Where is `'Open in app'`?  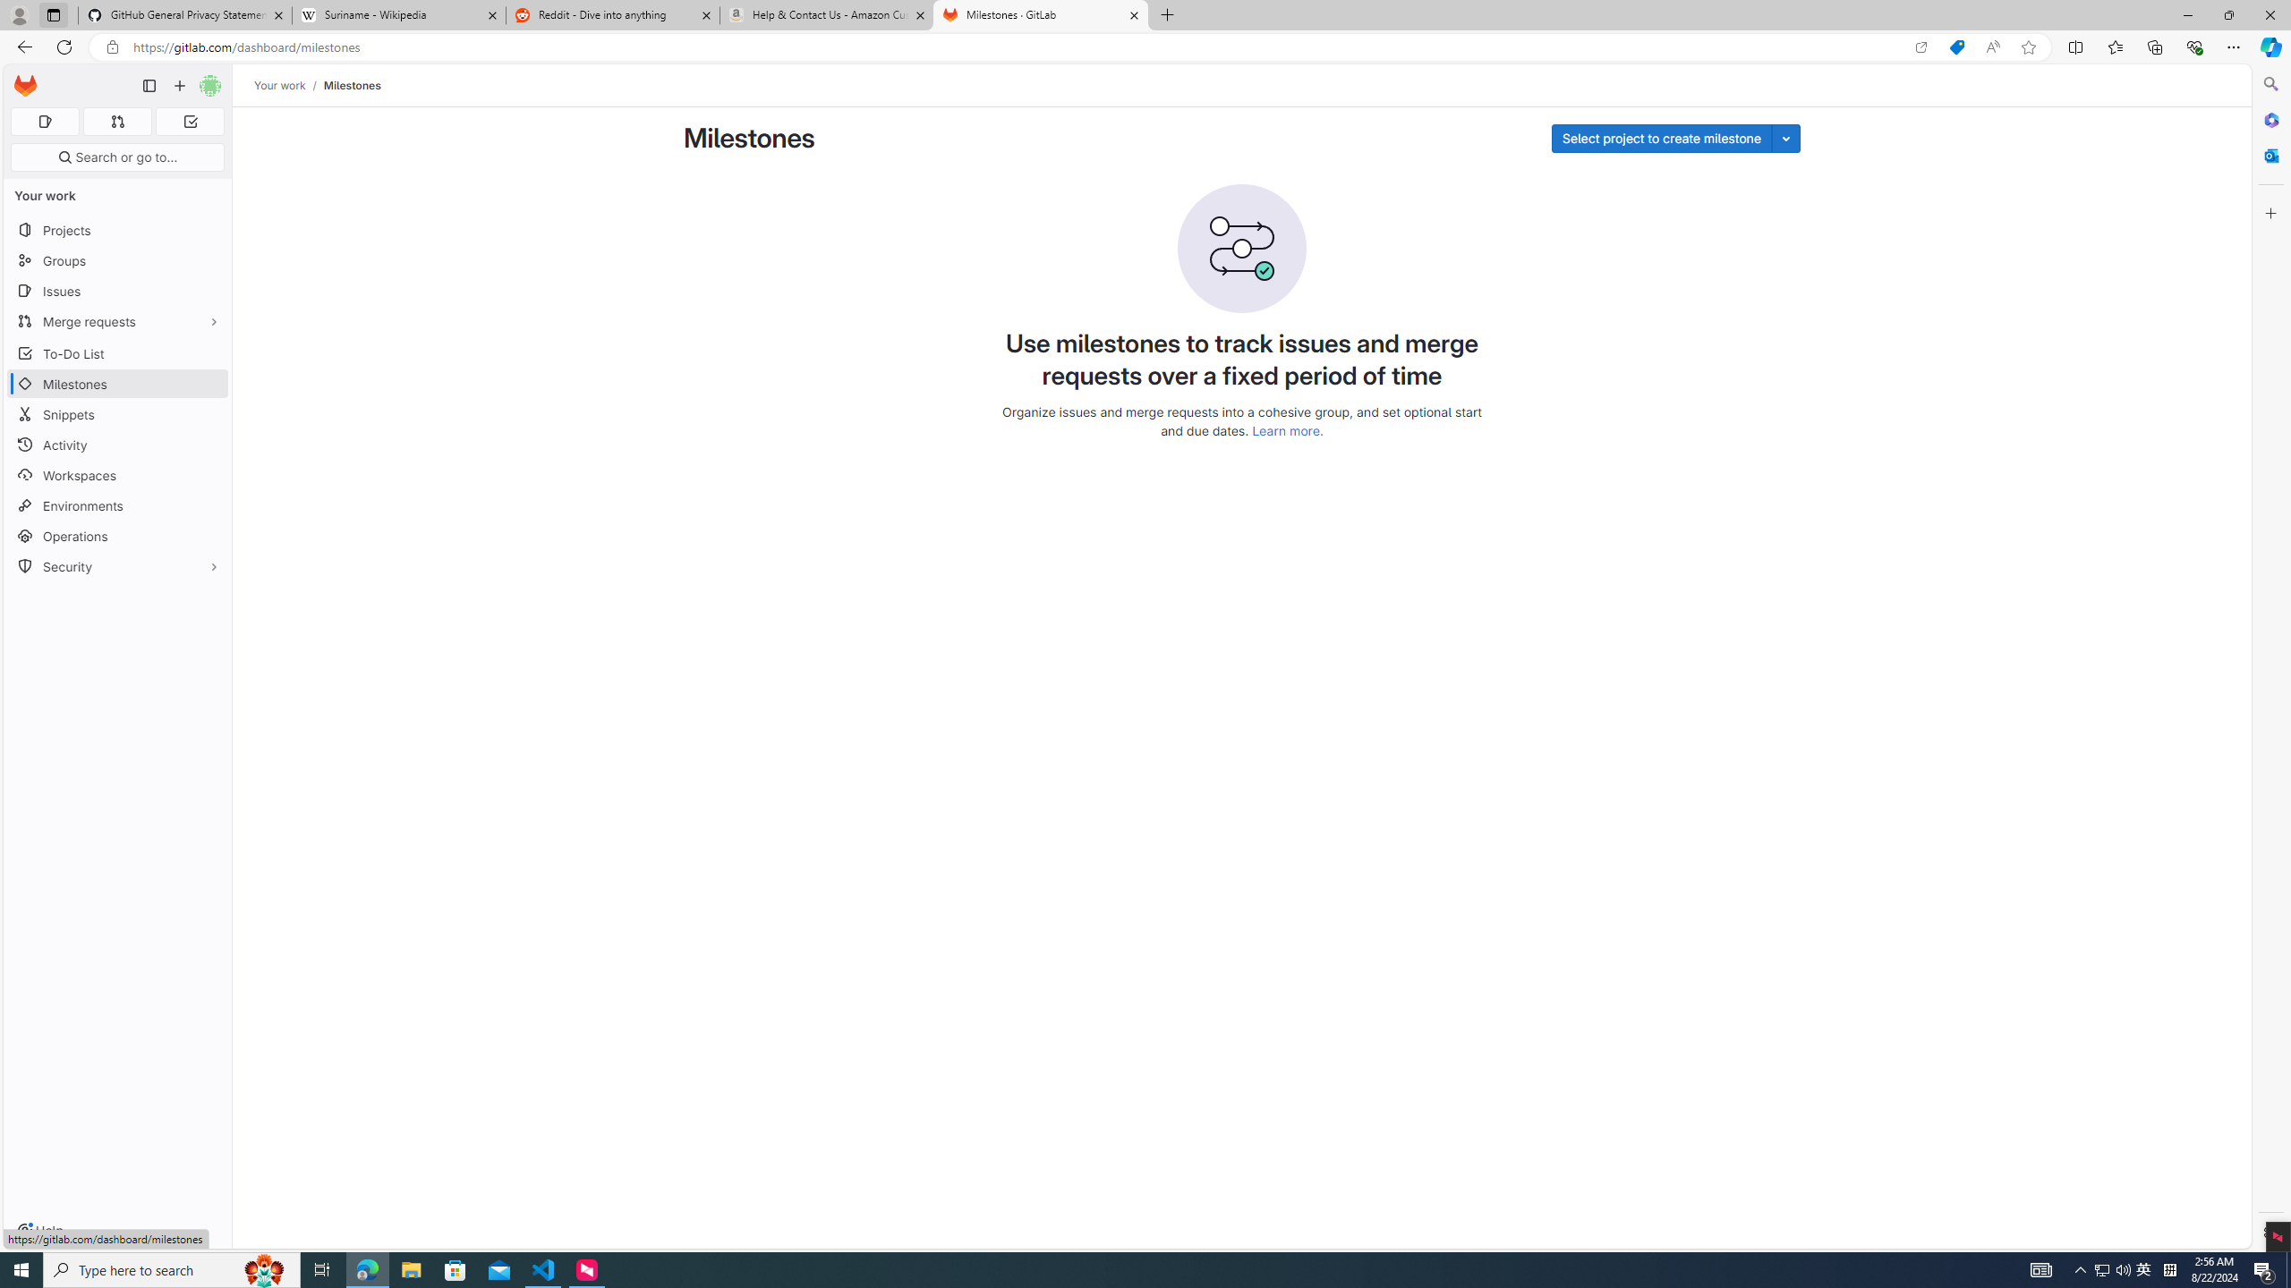
'Open in app' is located at coordinates (1920, 47).